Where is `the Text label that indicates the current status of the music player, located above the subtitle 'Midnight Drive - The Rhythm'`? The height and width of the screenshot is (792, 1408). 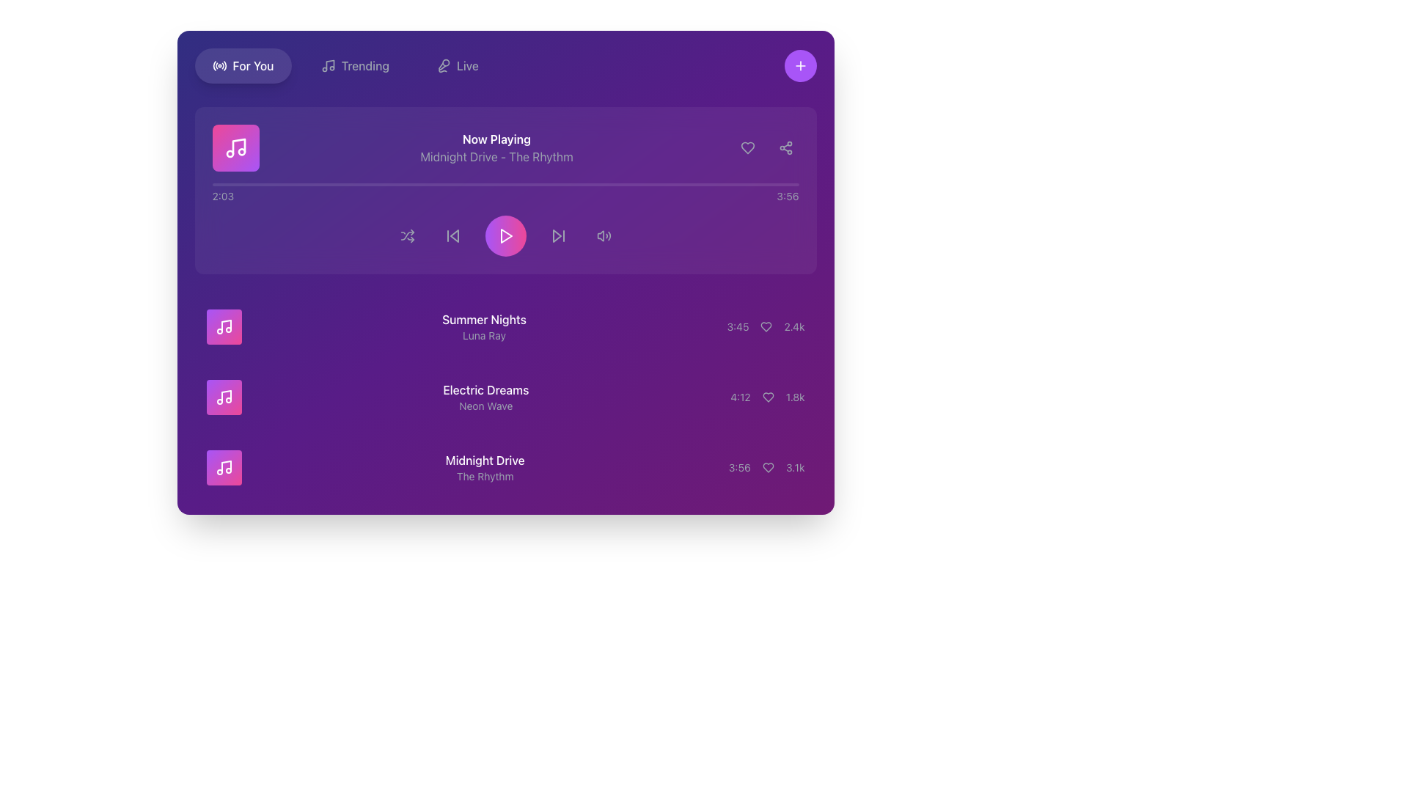
the Text label that indicates the current status of the music player, located above the subtitle 'Midnight Drive - The Rhythm' is located at coordinates (496, 139).